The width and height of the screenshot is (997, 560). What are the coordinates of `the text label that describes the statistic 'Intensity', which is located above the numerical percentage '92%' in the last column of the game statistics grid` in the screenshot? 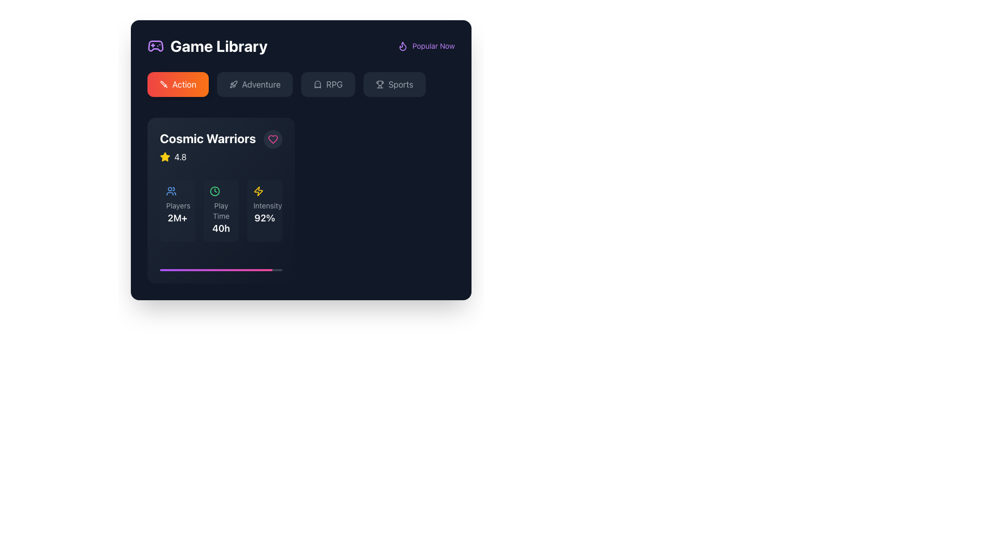 It's located at (264, 206).